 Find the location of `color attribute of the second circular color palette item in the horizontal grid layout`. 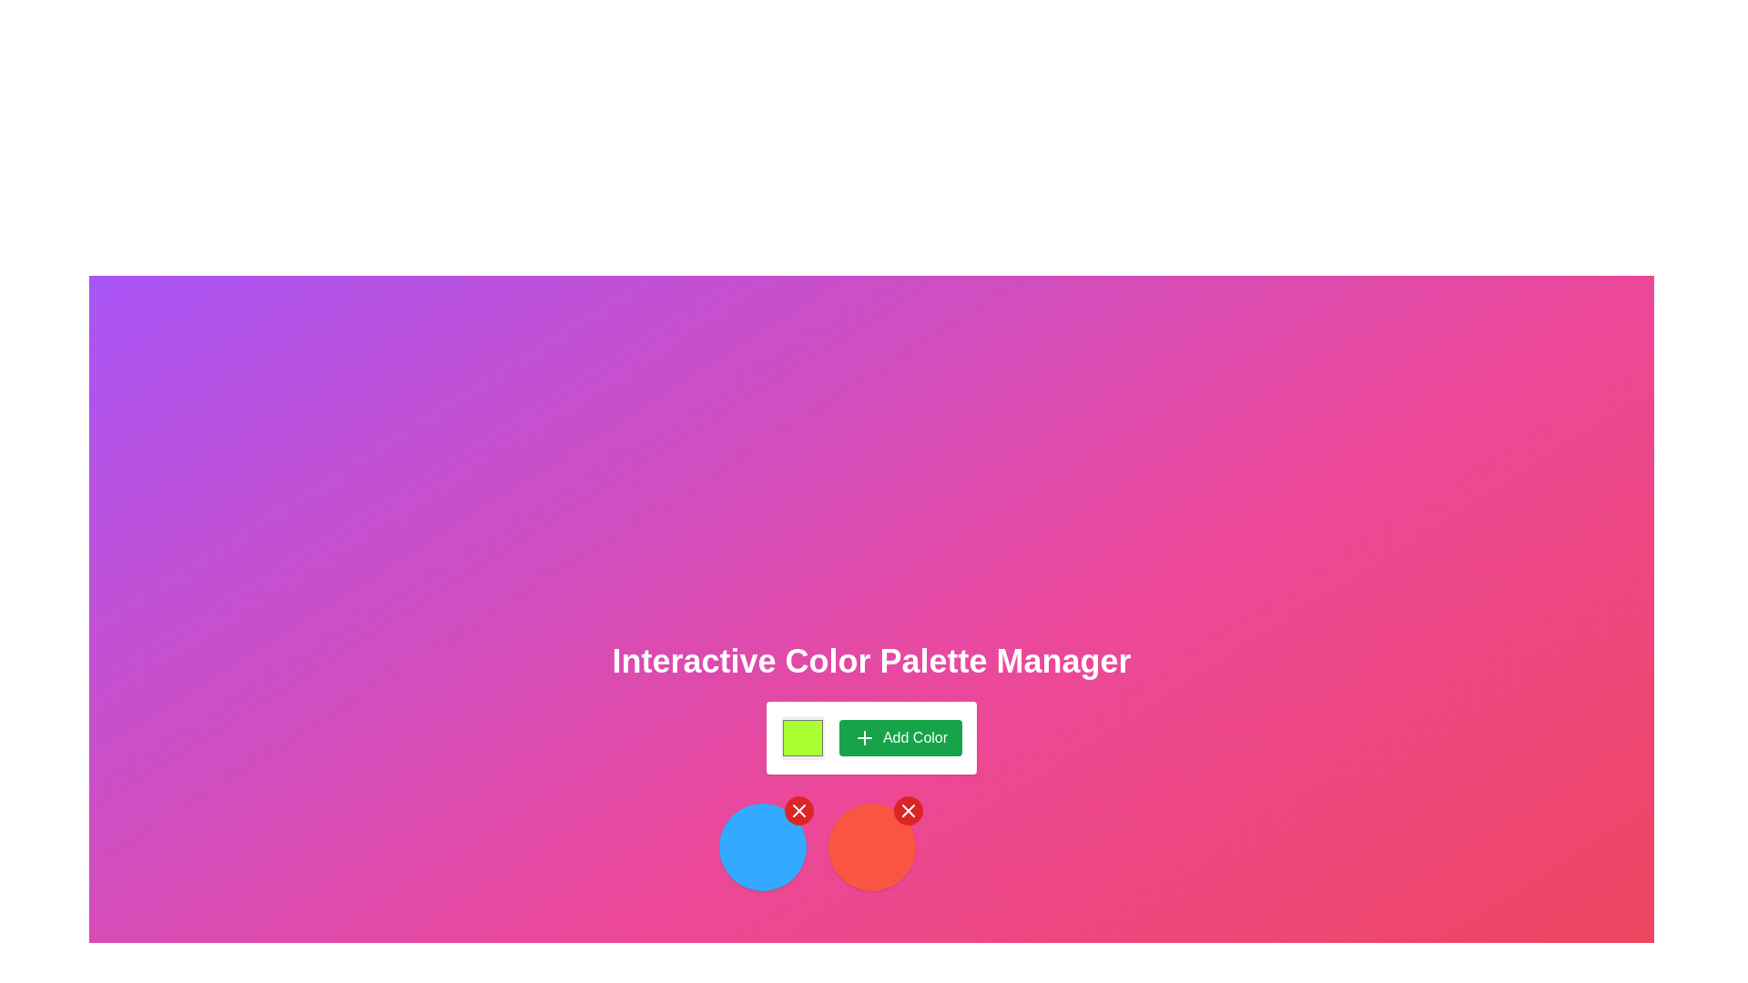

color attribute of the second circular color palette item in the horizontal grid layout is located at coordinates (870, 846).